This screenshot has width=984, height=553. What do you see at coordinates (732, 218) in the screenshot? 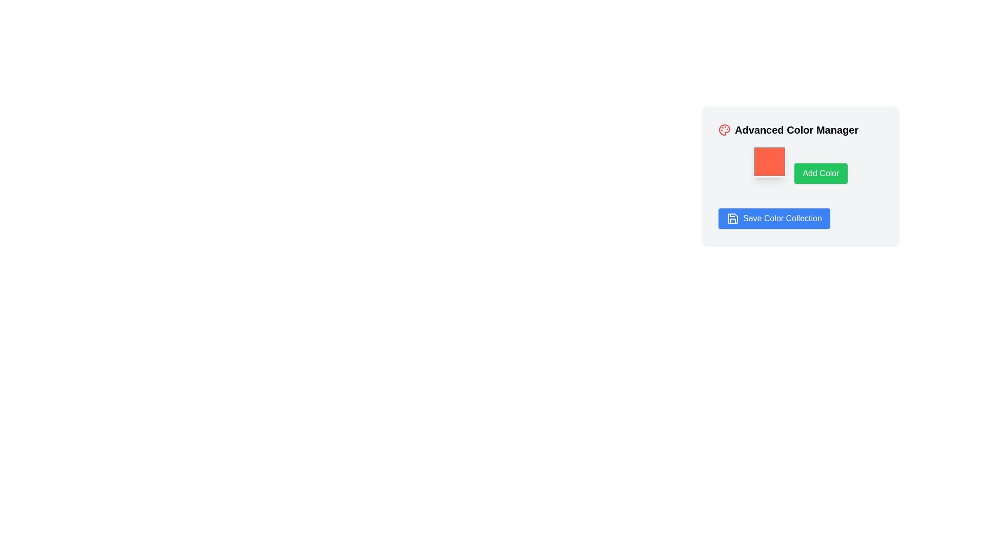
I see `the save icon located on the left side of the 'Save Color Collection' button, which visually reinforces the save action` at bounding box center [732, 218].